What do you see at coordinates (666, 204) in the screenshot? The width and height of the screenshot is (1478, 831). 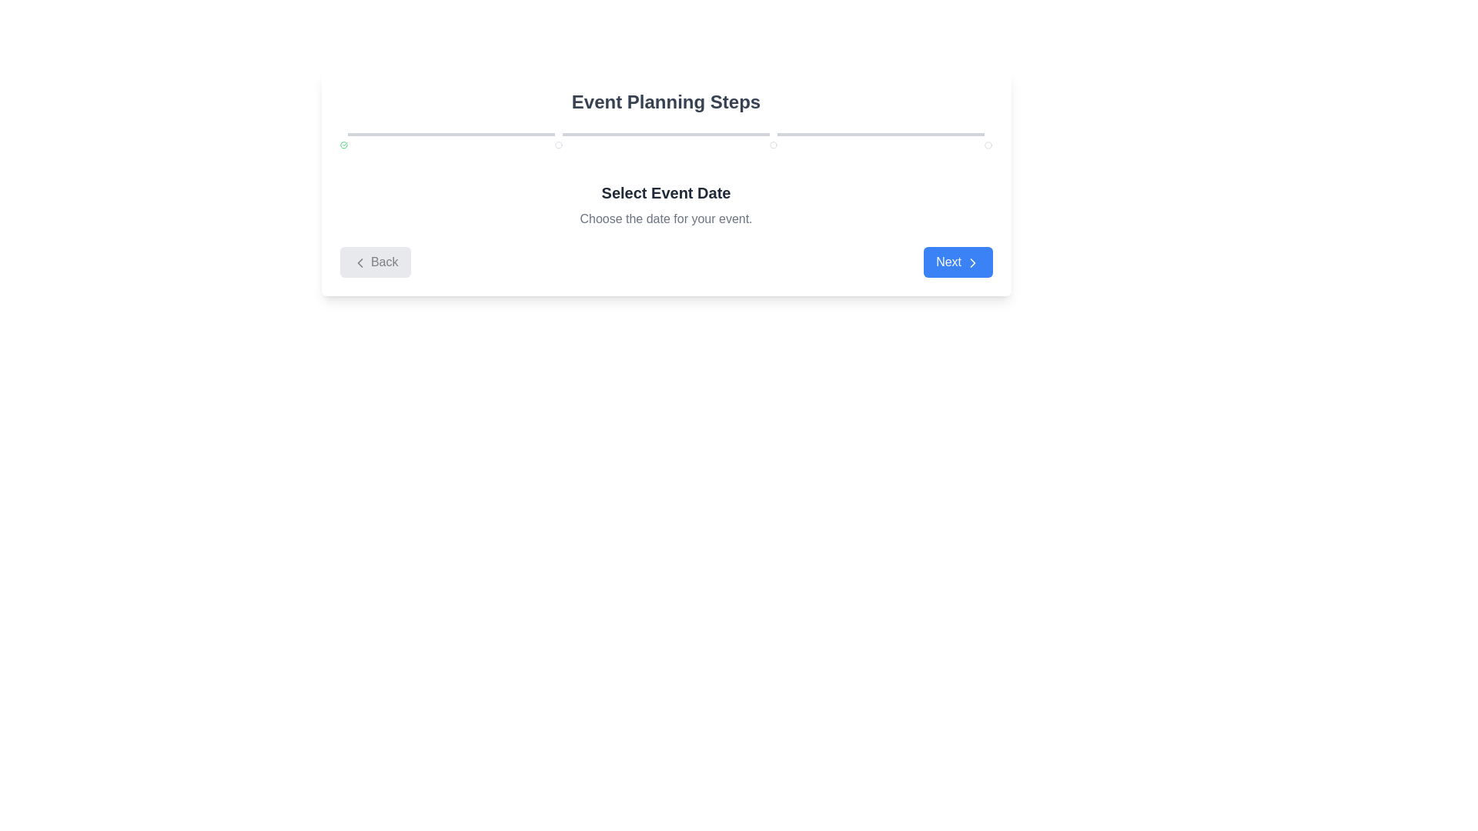 I see `information displayed in the text block titled 'Select Event Date' which instructs to 'Choose the date for your event.'` at bounding box center [666, 204].